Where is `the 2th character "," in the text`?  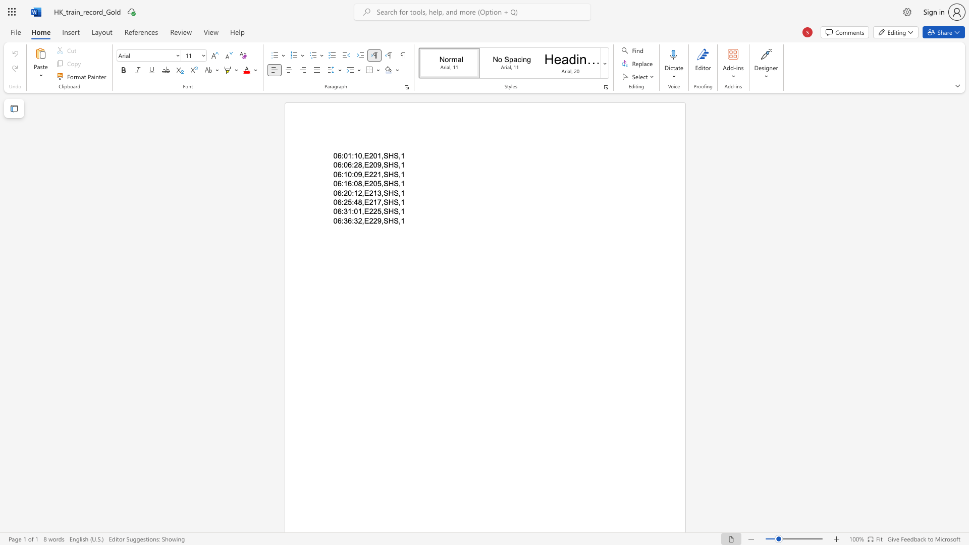 the 2th character "," in the text is located at coordinates (382, 165).